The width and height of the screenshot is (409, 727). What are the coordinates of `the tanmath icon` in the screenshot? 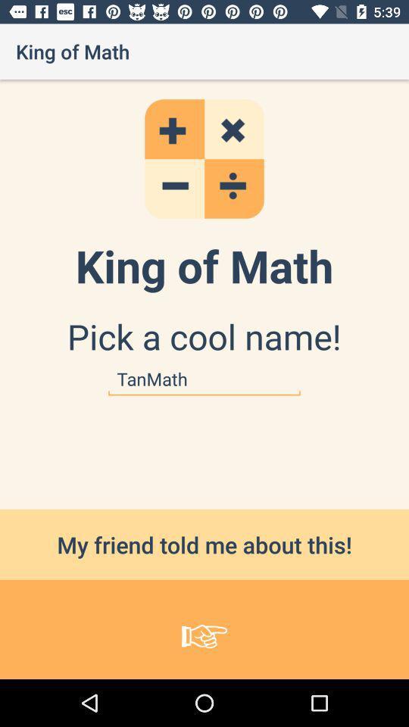 It's located at (204, 379).